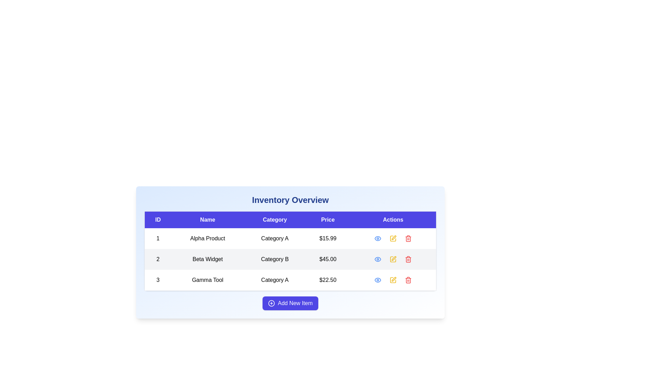  Describe the element at coordinates (290, 303) in the screenshot. I see `the 'Add Item' button located in the 'Inventory Overview' panel, positioned centrally below the inventory items table, to initiate the add item process` at that location.